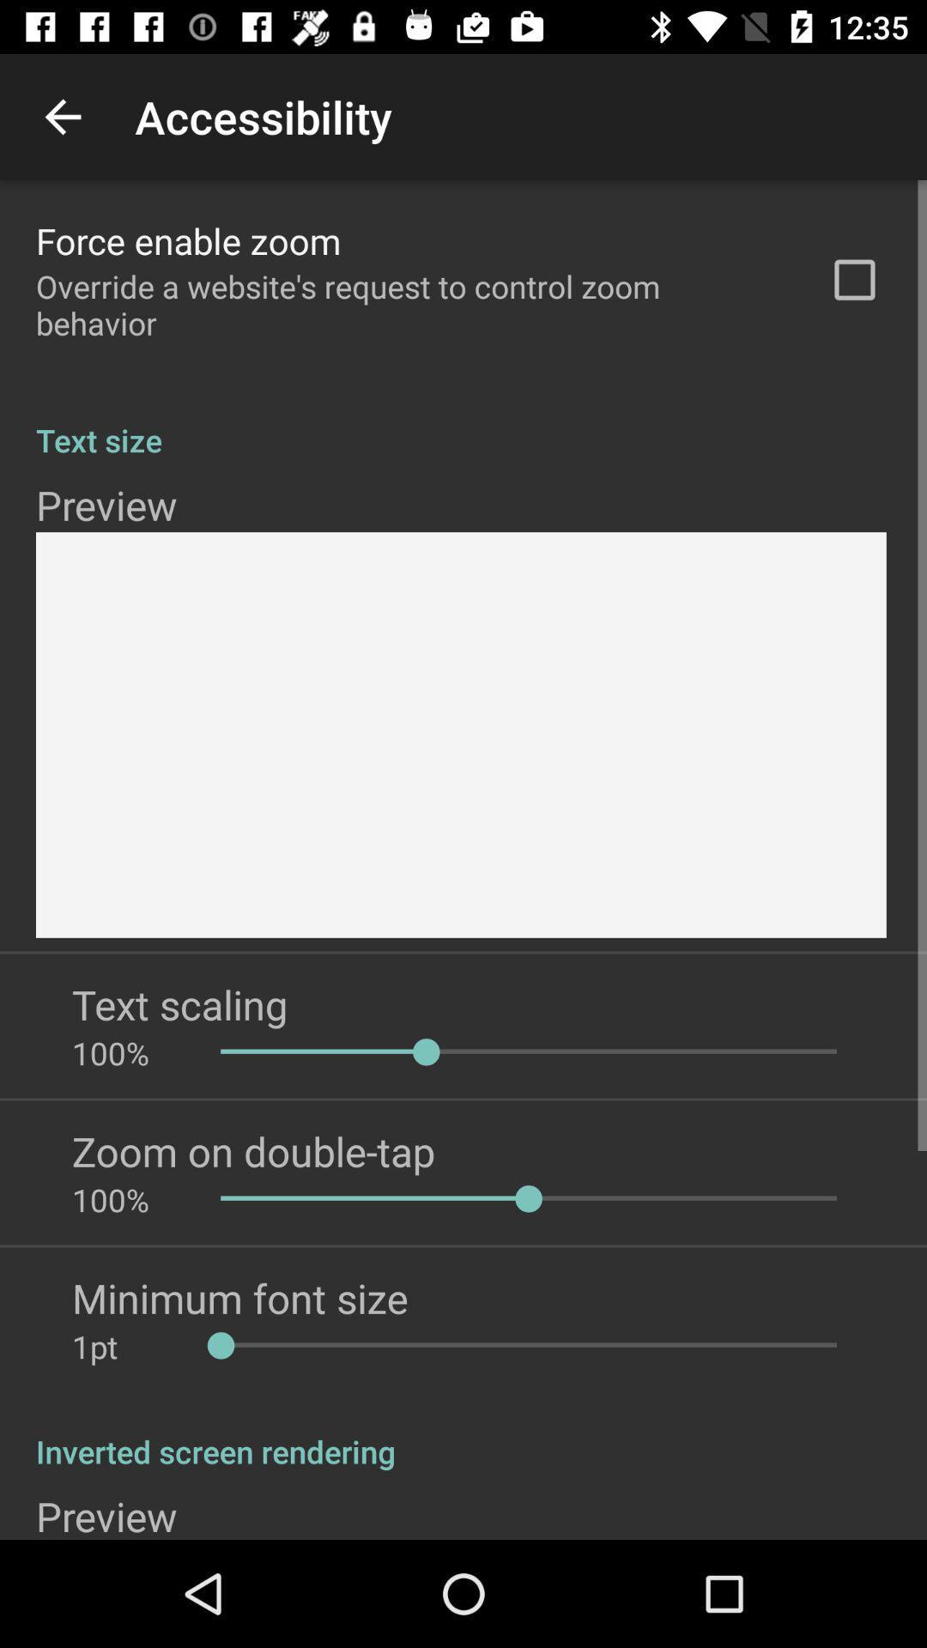  I want to click on the icon below minimum font size app, so click(127, 1346).